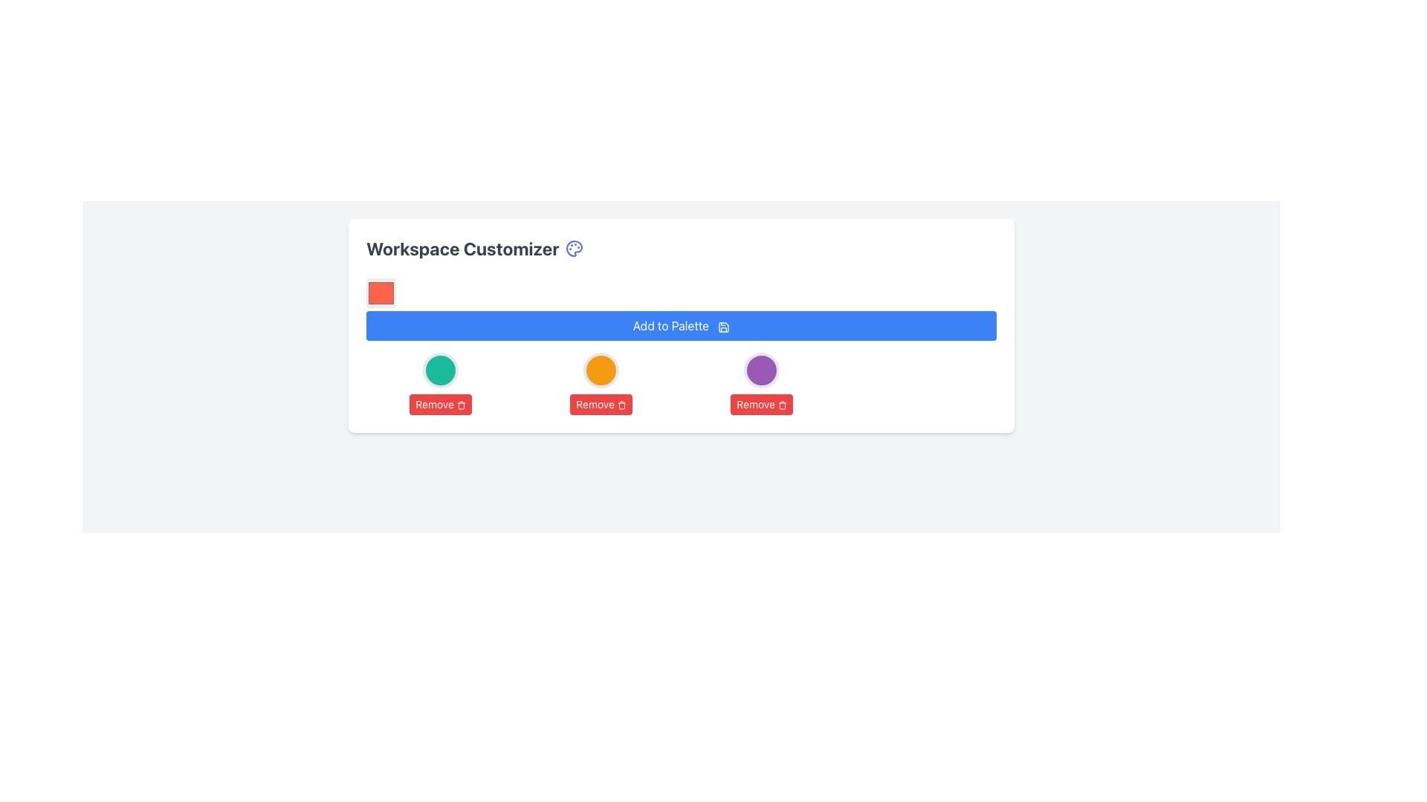  I want to click on the 'Remove' icon located inside the red button, which is the first from the left in a horizontal arrangement beneath the green circular item, so click(781, 405).